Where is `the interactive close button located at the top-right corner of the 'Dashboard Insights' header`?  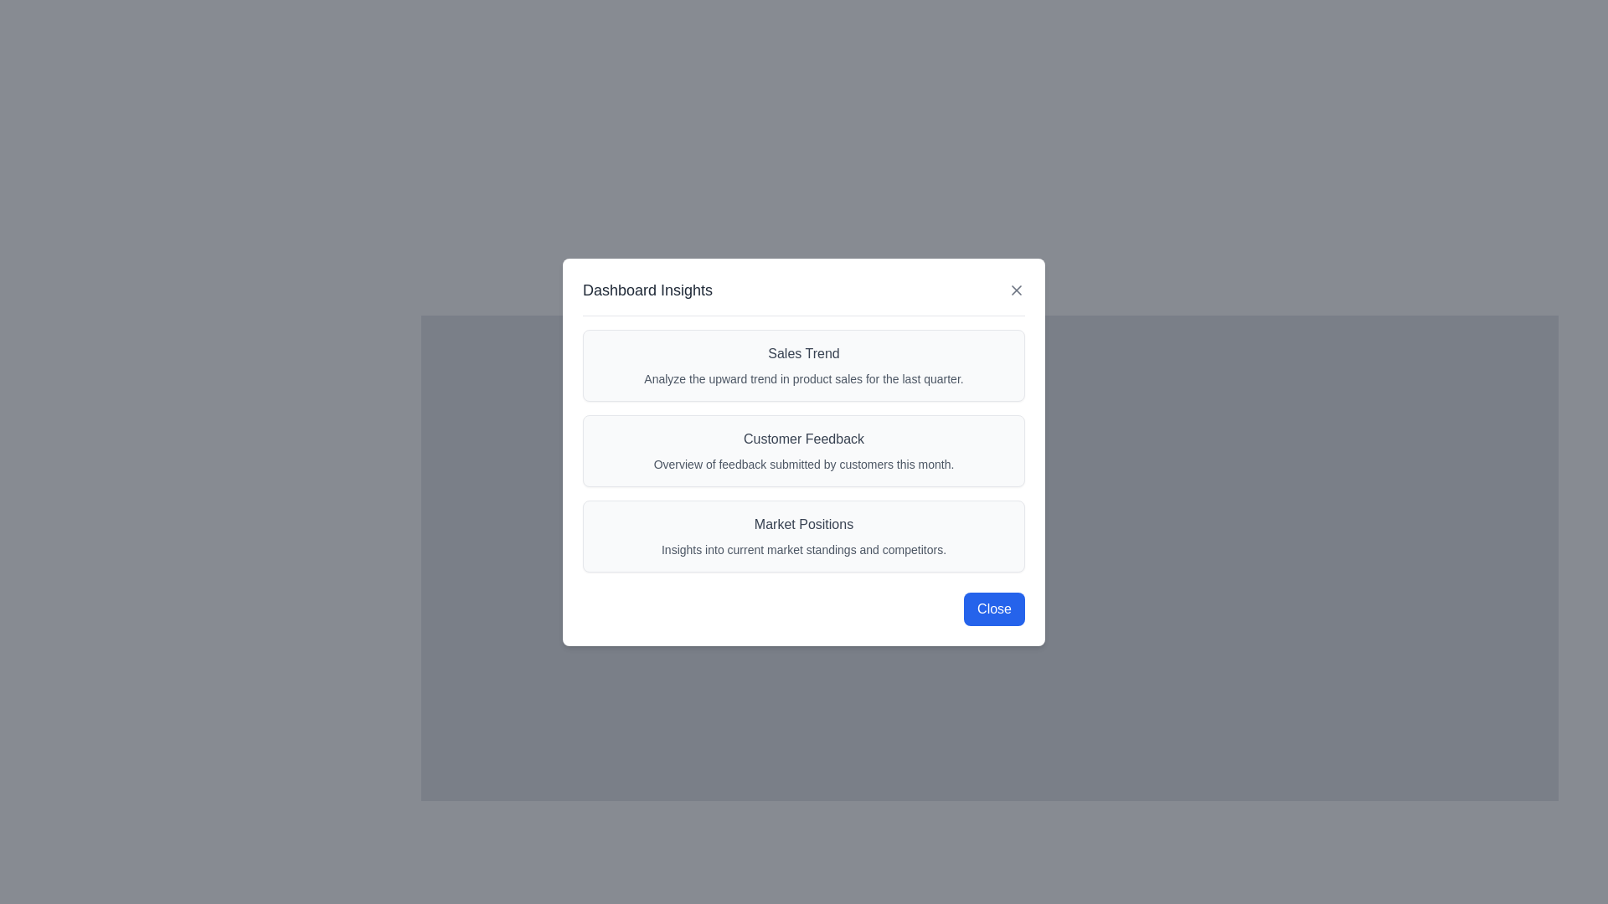
the interactive close button located at the top-right corner of the 'Dashboard Insights' header is located at coordinates (1016, 289).